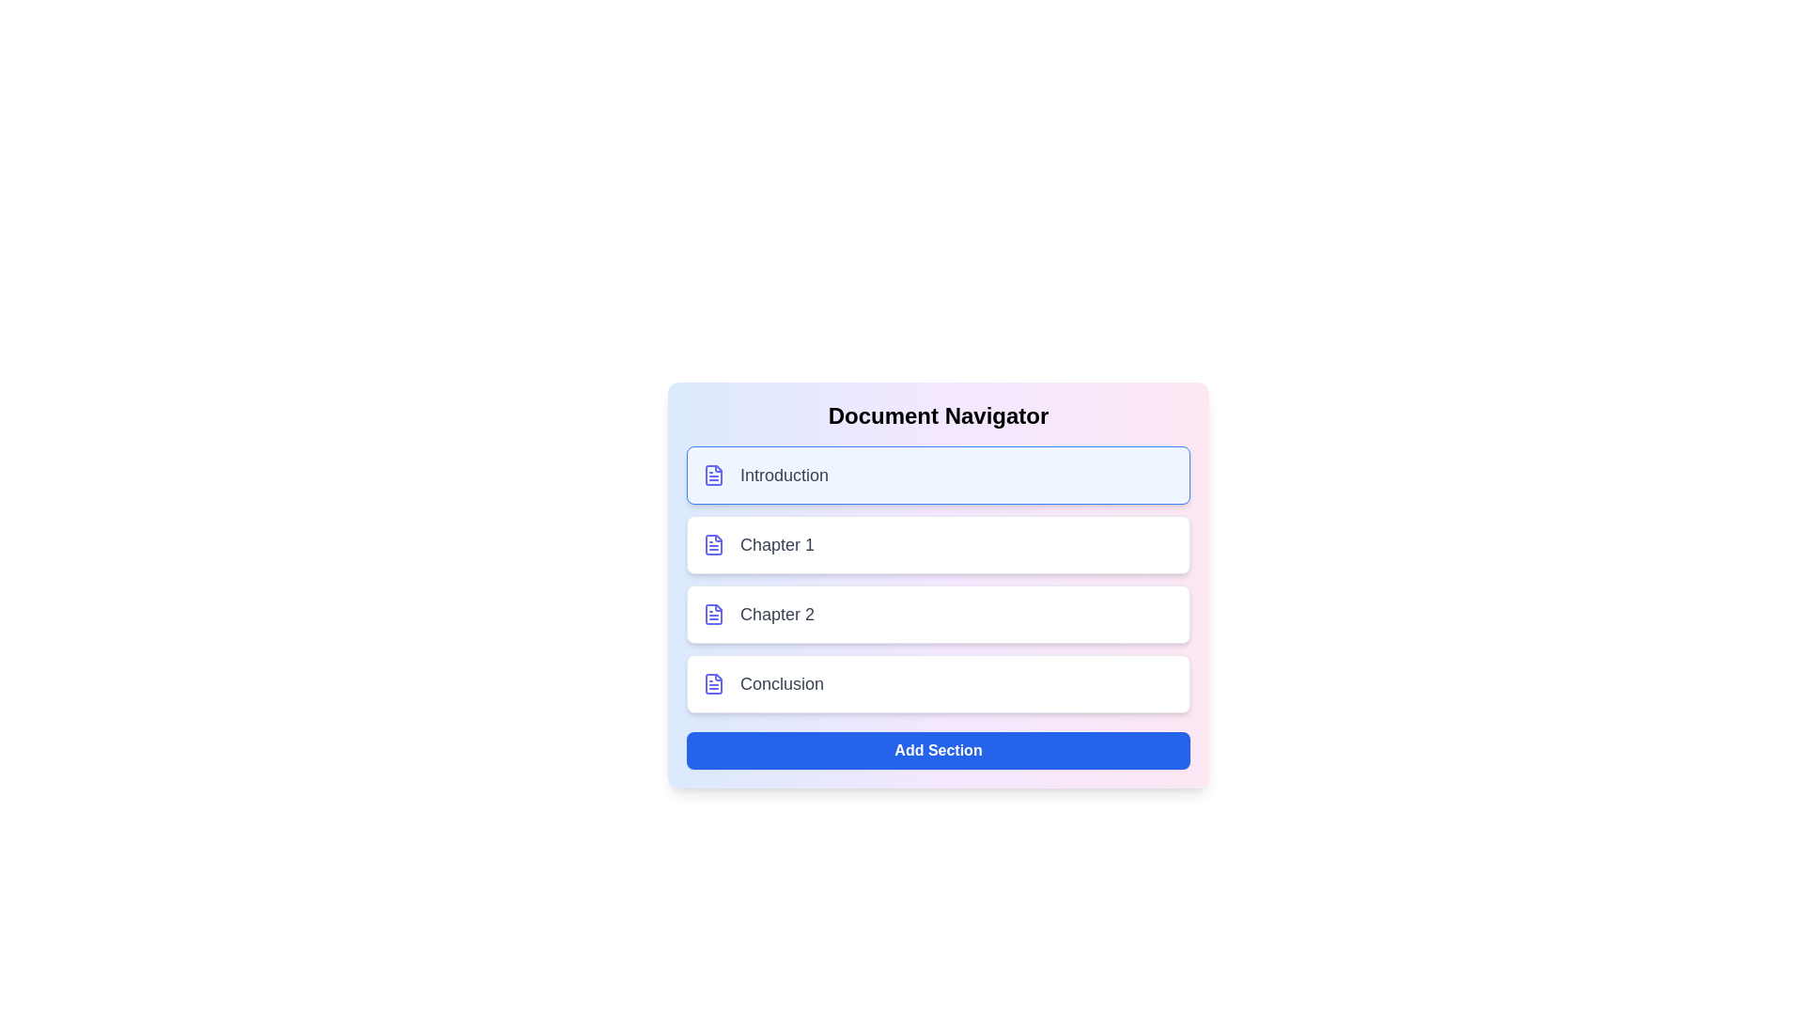  Describe the element at coordinates (938, 615) in the screenshot. I see `the section corresponding to Chapter 2 by clicking on its list item` at that location.